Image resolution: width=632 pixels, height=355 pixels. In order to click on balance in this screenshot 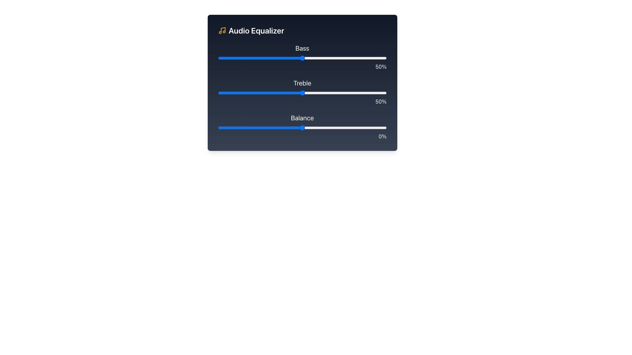, I will do `click(302, 128)`.